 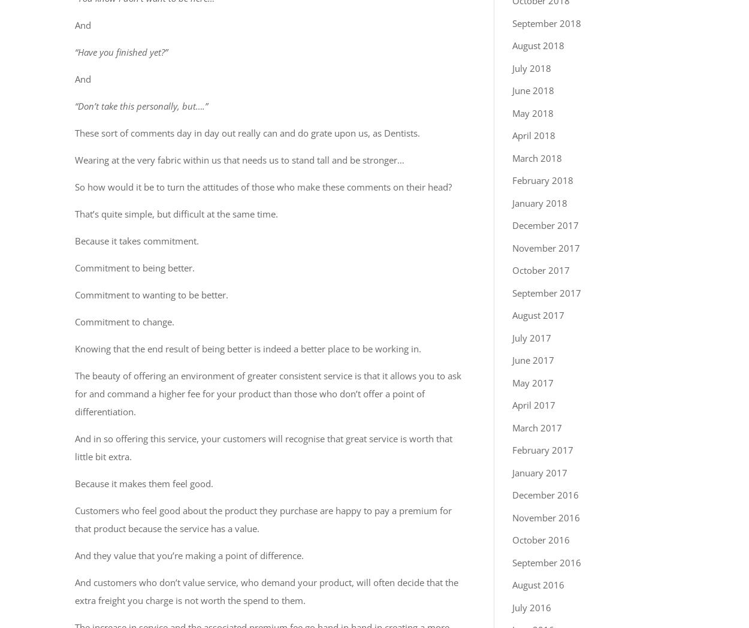 What do you see at coordinates (247, 132) in the screenshot?
I see `'These sort of comments day in day out really can and do grate upon us, as Dentists.'` at bounding box center [247, 132].